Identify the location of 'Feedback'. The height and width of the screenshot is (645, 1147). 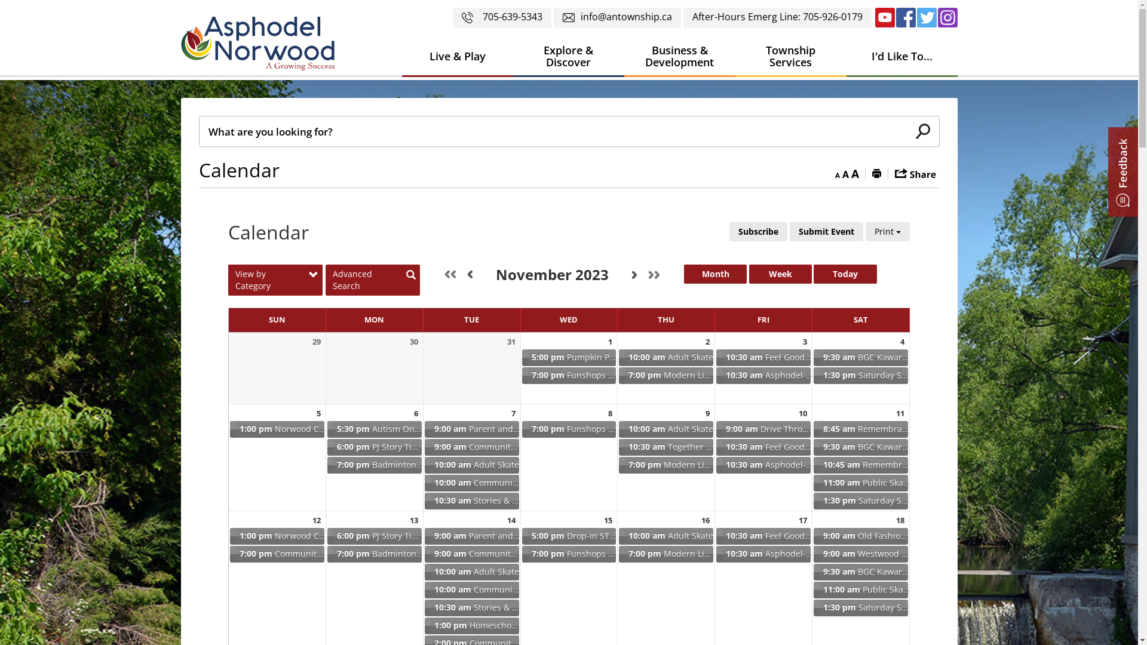
(1123, 172).